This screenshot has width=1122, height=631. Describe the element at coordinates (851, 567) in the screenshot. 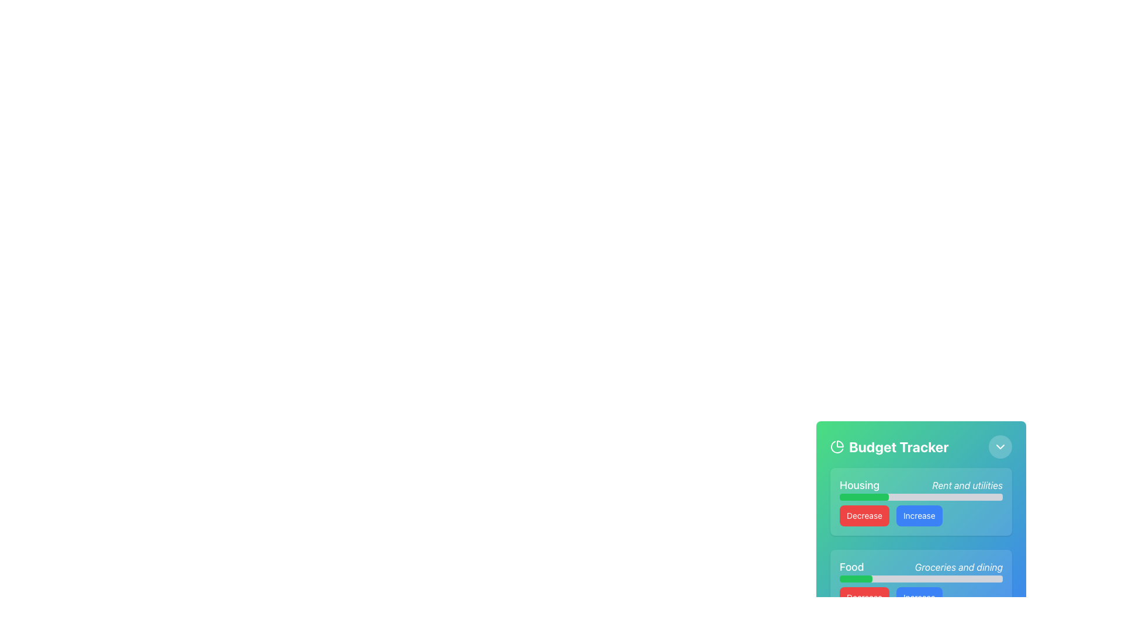

I see `the 'Food' text label, which is a large, bold font element in a budget tracker card interface, located in the lower-left section and contrasting with a gradient background` at that location.